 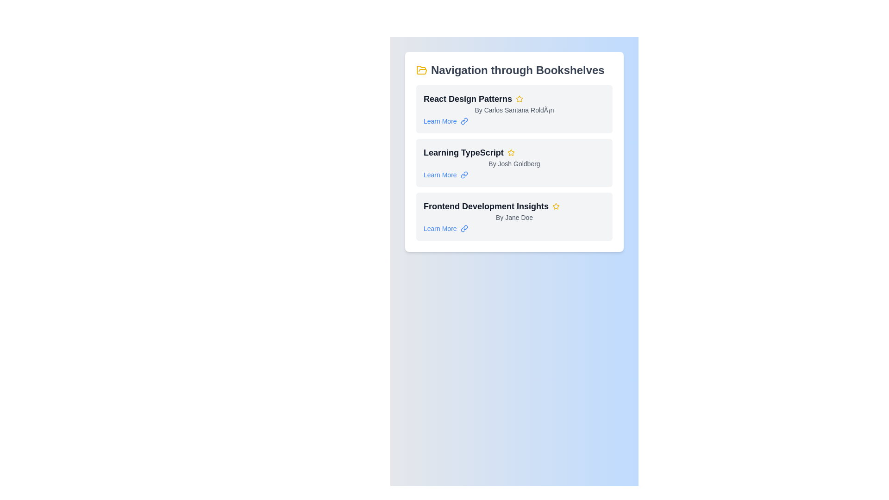 What do you see at coordinates (421, 69) in the screenshot?
I see `the yellow folder icon located to the left of the 'Navigation through Bookshelves' header text` at bounding box center [421, 69].